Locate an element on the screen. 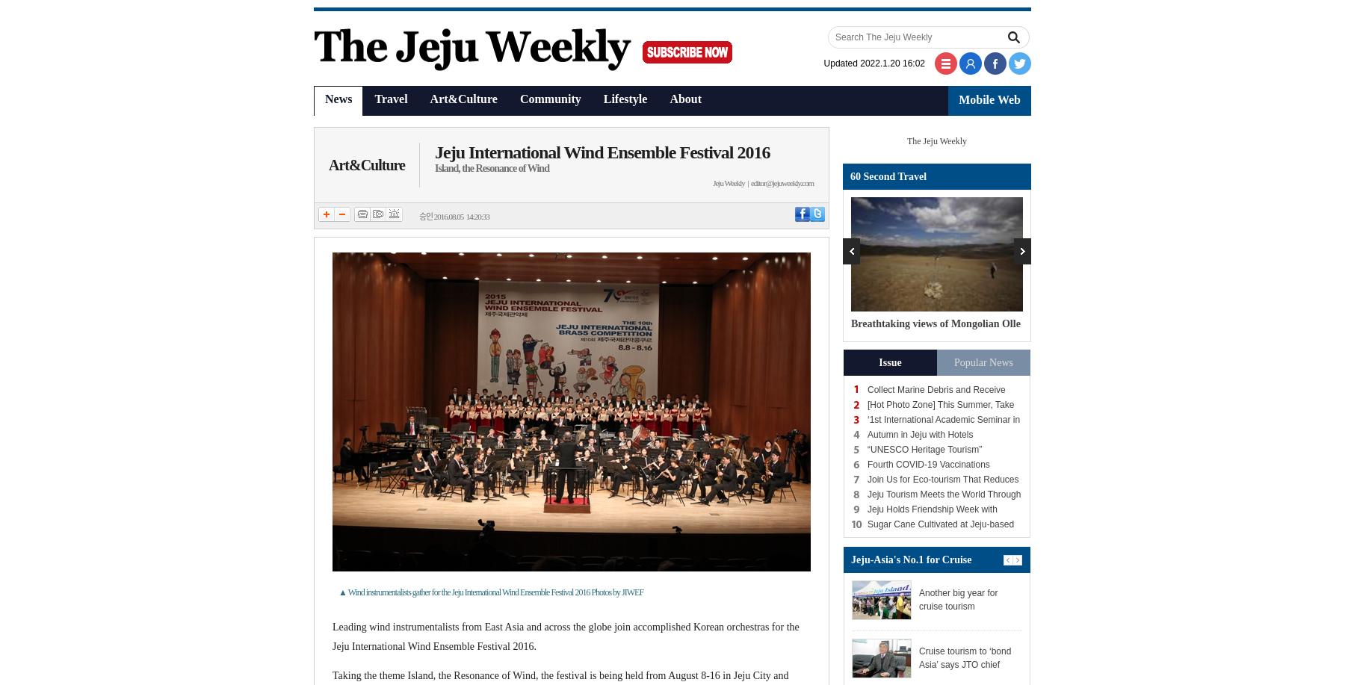 This screenshot has height=685, width=1345. 'Jeju-Asia's No.1 for Cruise' is located at coordinates (910, 558).